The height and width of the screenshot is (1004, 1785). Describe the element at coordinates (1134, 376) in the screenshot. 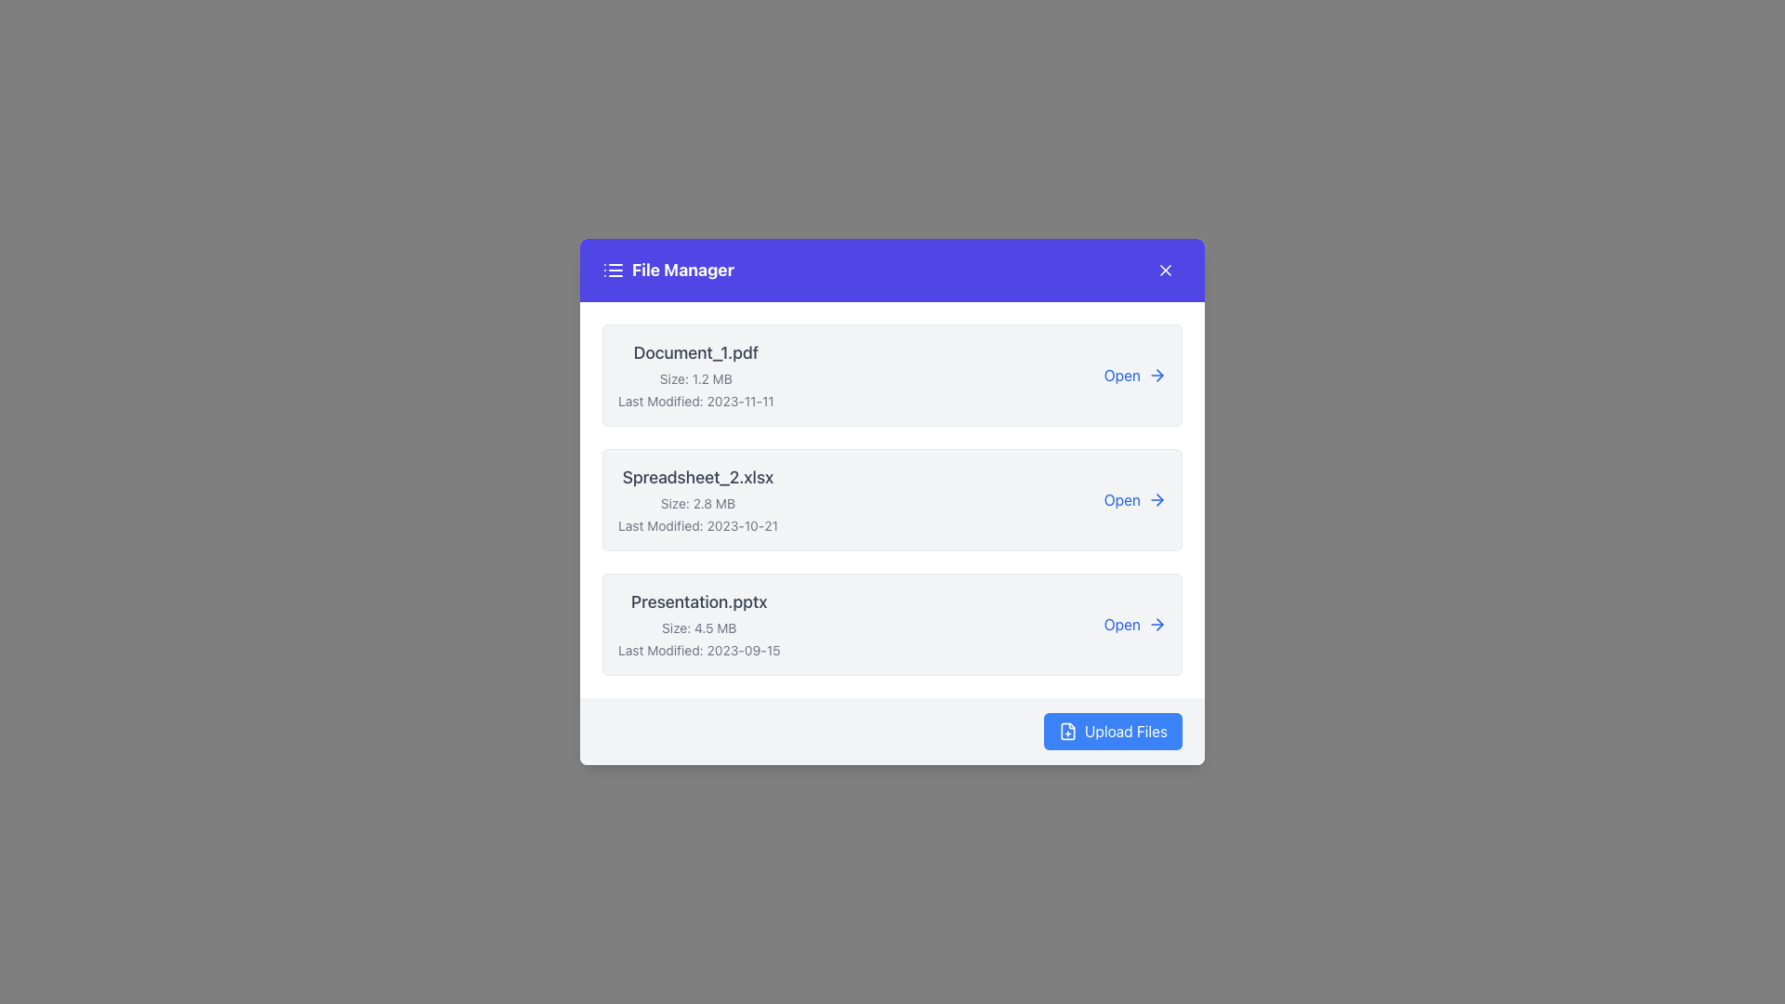

I see `the 'Open' text link styled in blue, located next to the arrow icon in the first file entry for visual feedback` at that location.